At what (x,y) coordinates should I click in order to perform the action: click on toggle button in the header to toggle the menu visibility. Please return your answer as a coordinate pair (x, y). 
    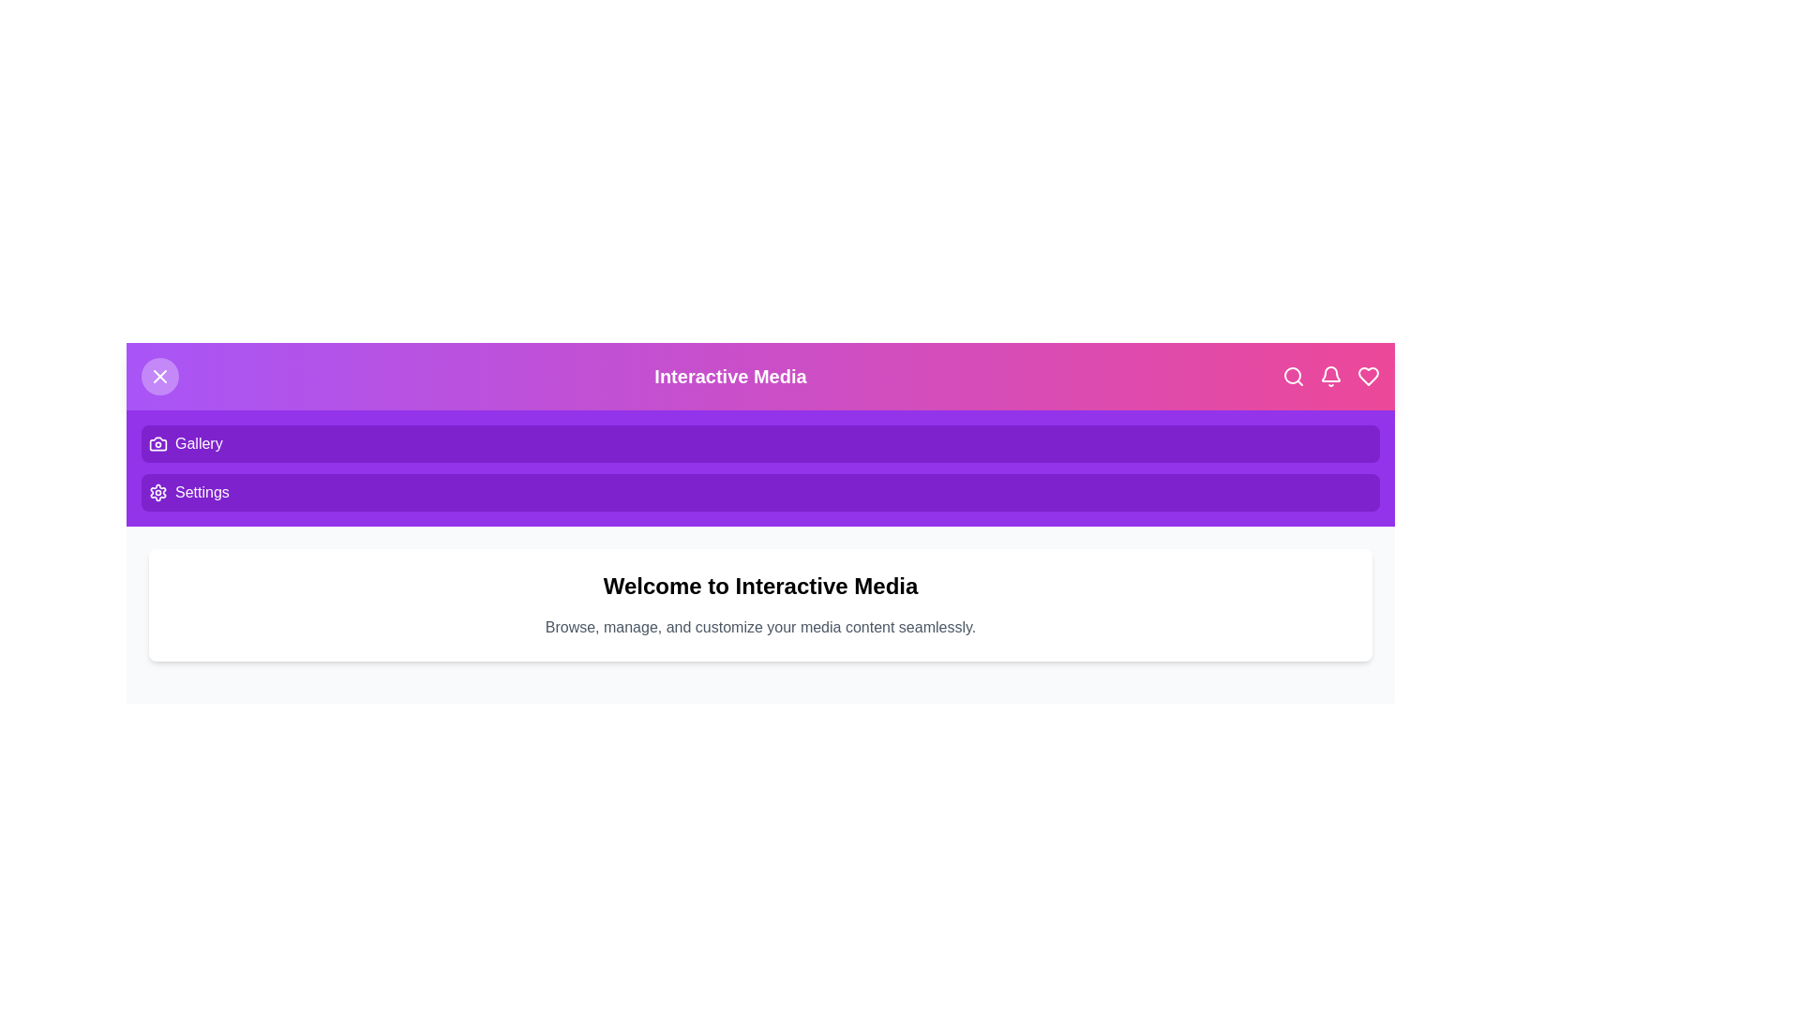
    Looking at the image, I should click on (160, 376).